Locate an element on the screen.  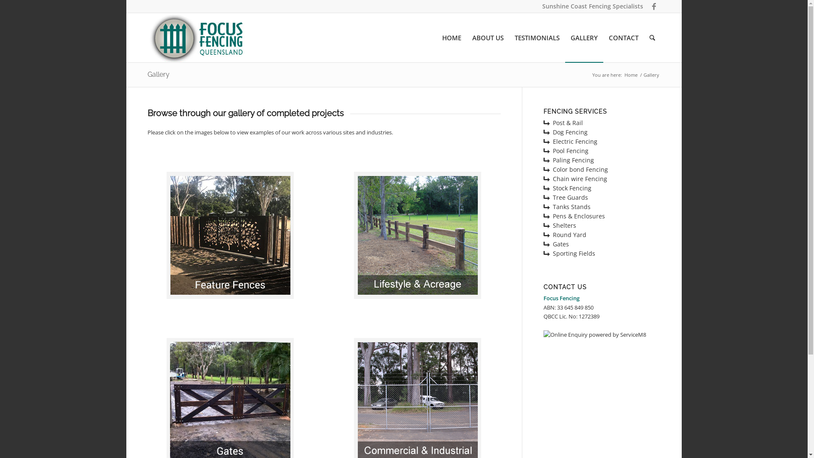
'HOME' is located at coordinates (451, 37).